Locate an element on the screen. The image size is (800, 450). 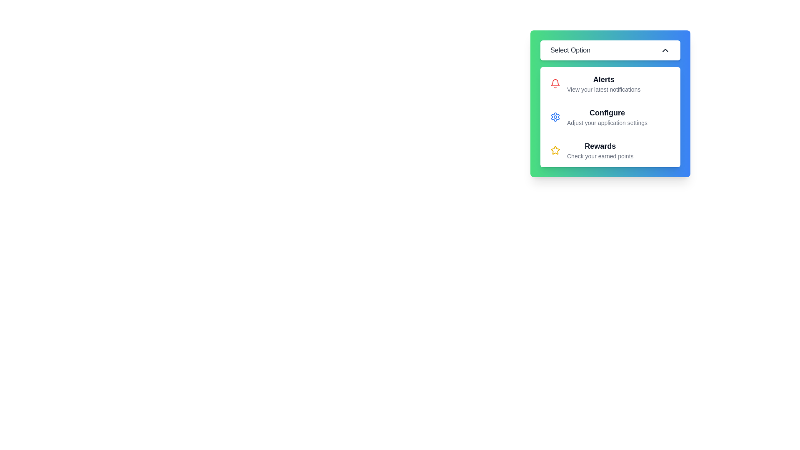
the static text label providing context for the 'Configure' option in the dropdown menu, located in the middle-right area of the interface is located at coordinates (607, 122).